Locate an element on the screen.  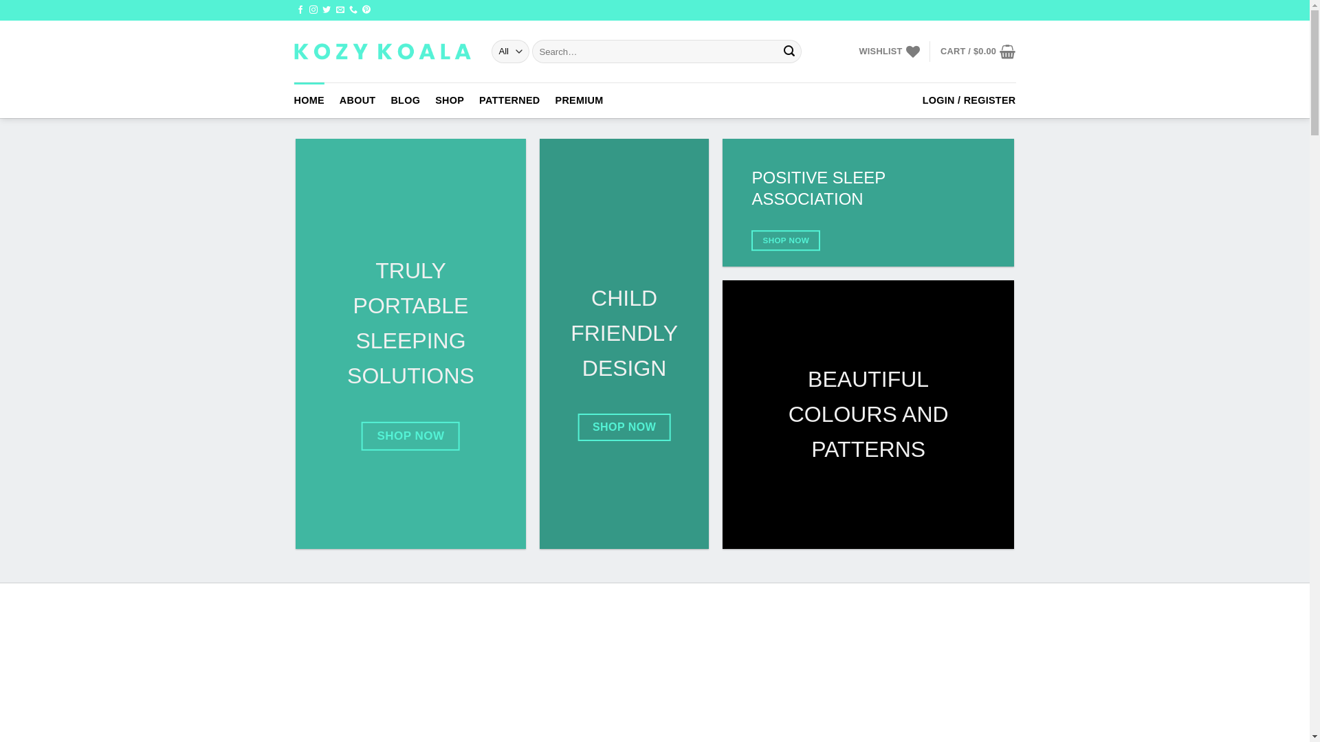
'Follow on Facebook' is located at coordinates (299, 10).